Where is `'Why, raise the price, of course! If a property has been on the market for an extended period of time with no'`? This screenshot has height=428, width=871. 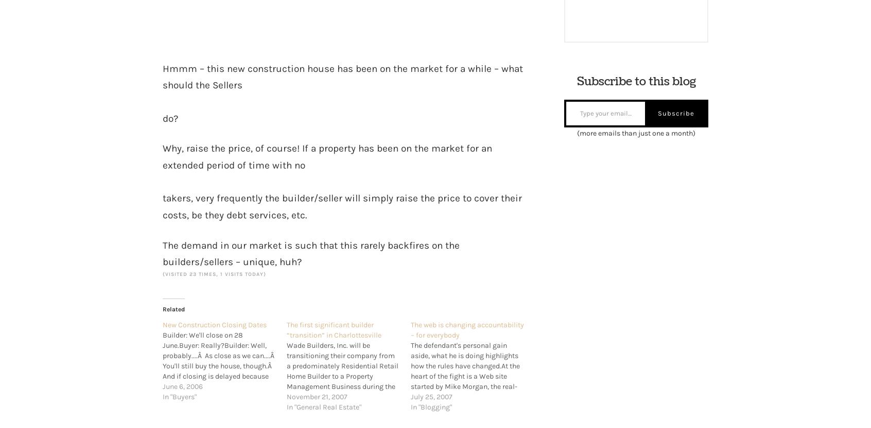 'Why, raise the price, of course! If a property has been on the market for an extended period of time with no' is located at coordinates (162, 156).